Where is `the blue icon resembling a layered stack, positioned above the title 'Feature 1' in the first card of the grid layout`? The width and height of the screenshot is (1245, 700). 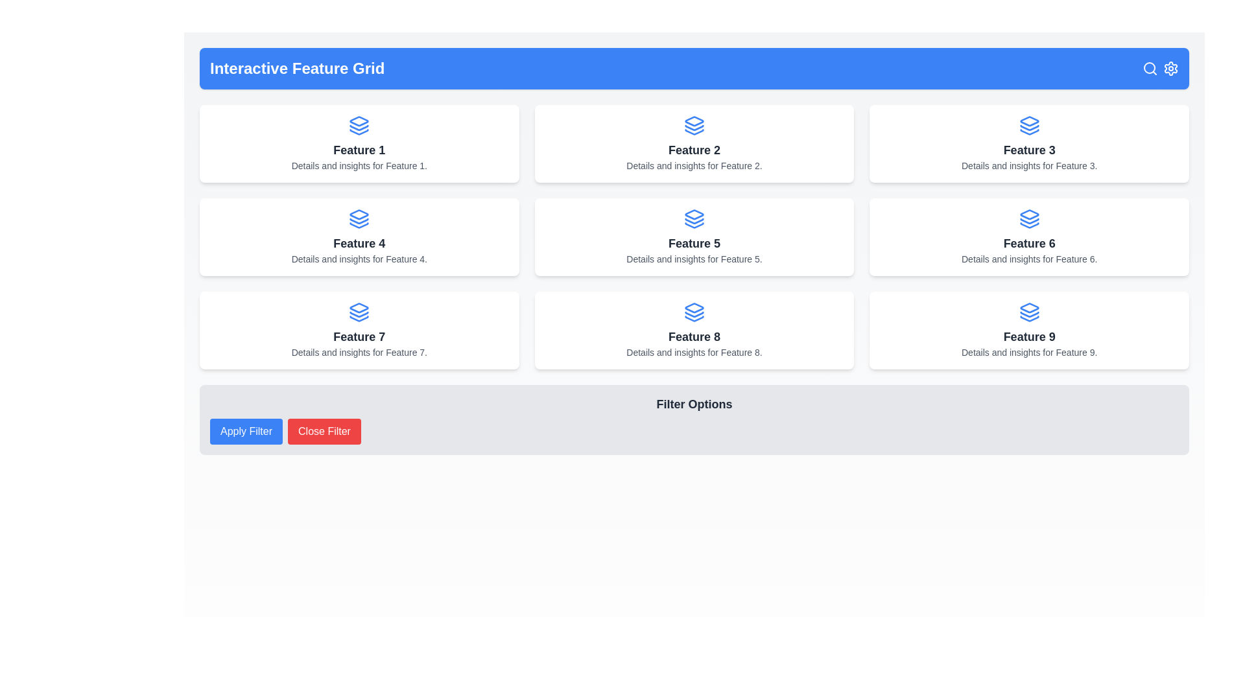
the blue icon resembling a layered stack, positioned above the title 'Feature 1' in the first card of the grid layout is located at coordinates (359, 125).